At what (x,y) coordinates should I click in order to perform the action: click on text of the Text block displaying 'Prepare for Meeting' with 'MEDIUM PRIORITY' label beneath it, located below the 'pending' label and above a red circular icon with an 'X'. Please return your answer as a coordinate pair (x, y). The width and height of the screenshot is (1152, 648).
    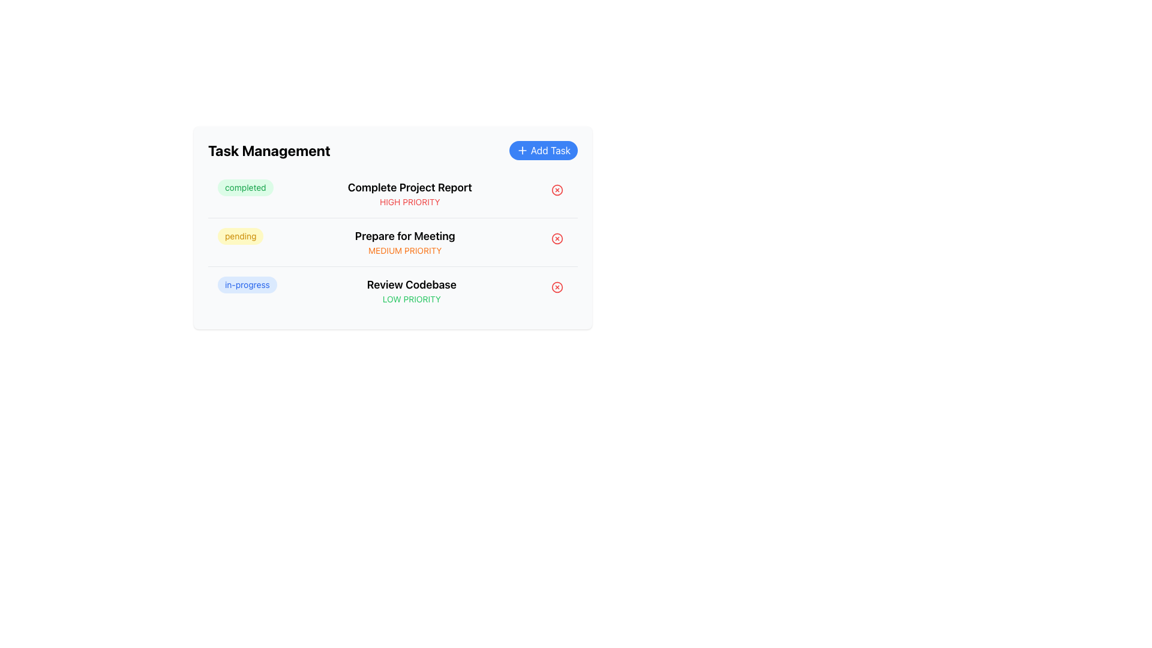
    Looking at the image, I should click on (405, 242).